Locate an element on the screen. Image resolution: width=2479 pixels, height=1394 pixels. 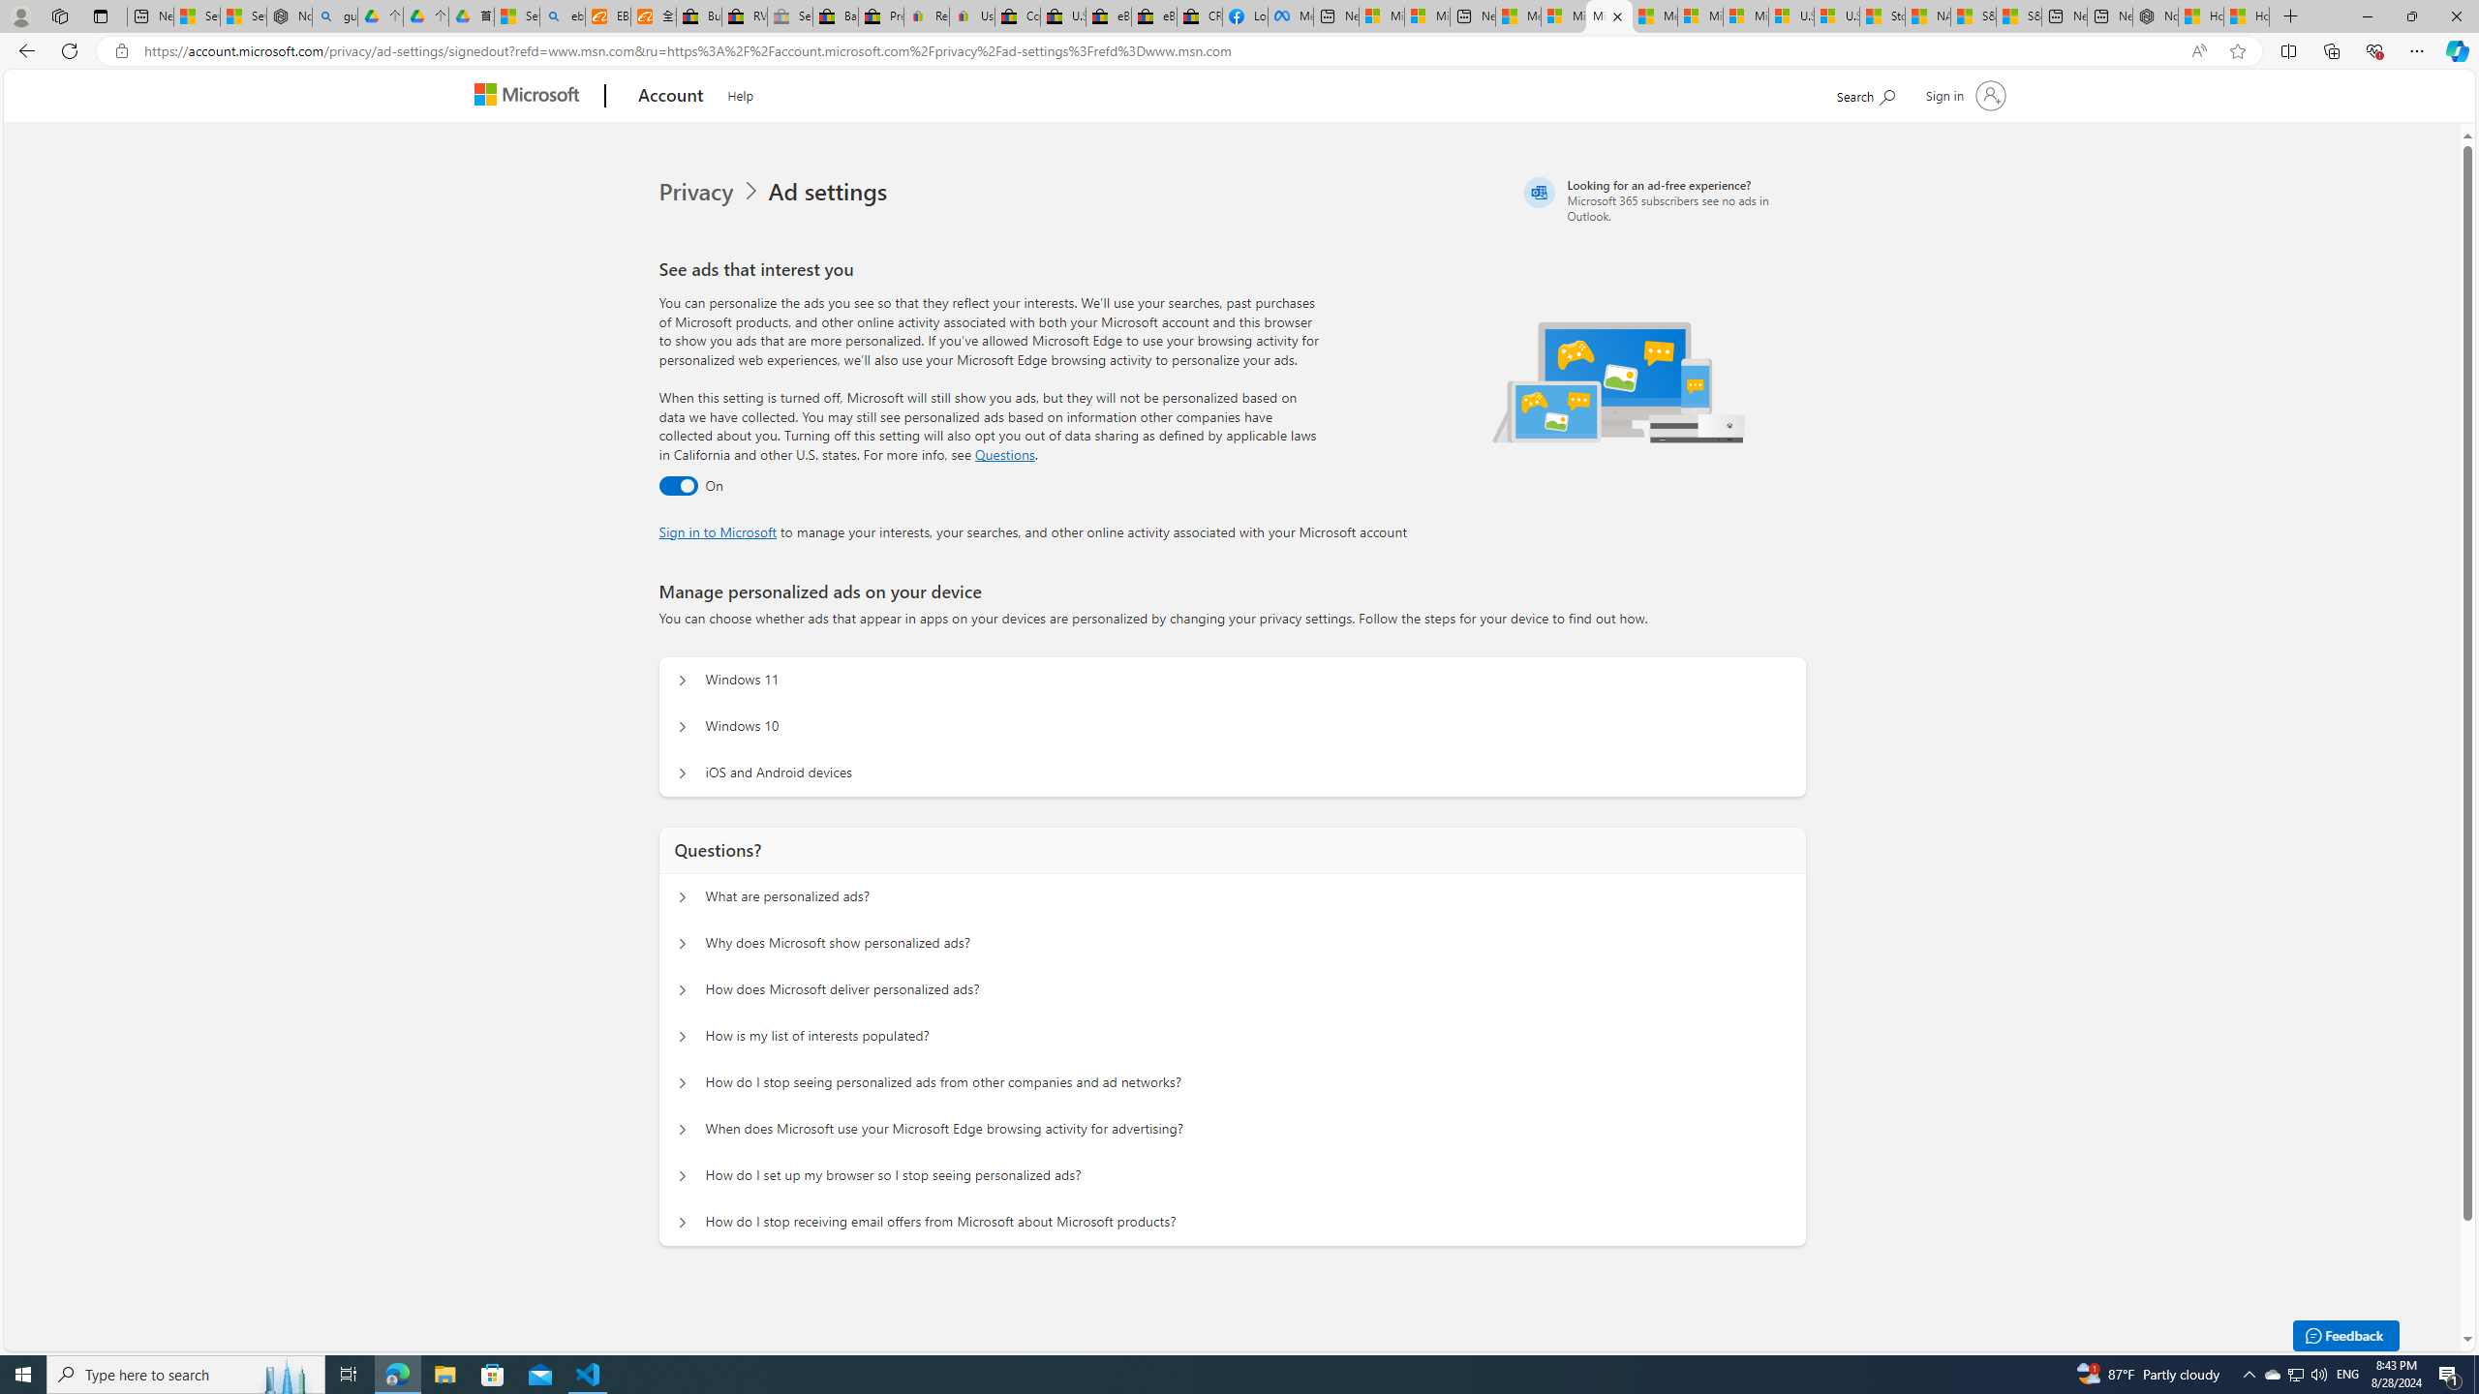
'Sell worldwide with eBay - Sleeping' is located at coordinates (789, 15).